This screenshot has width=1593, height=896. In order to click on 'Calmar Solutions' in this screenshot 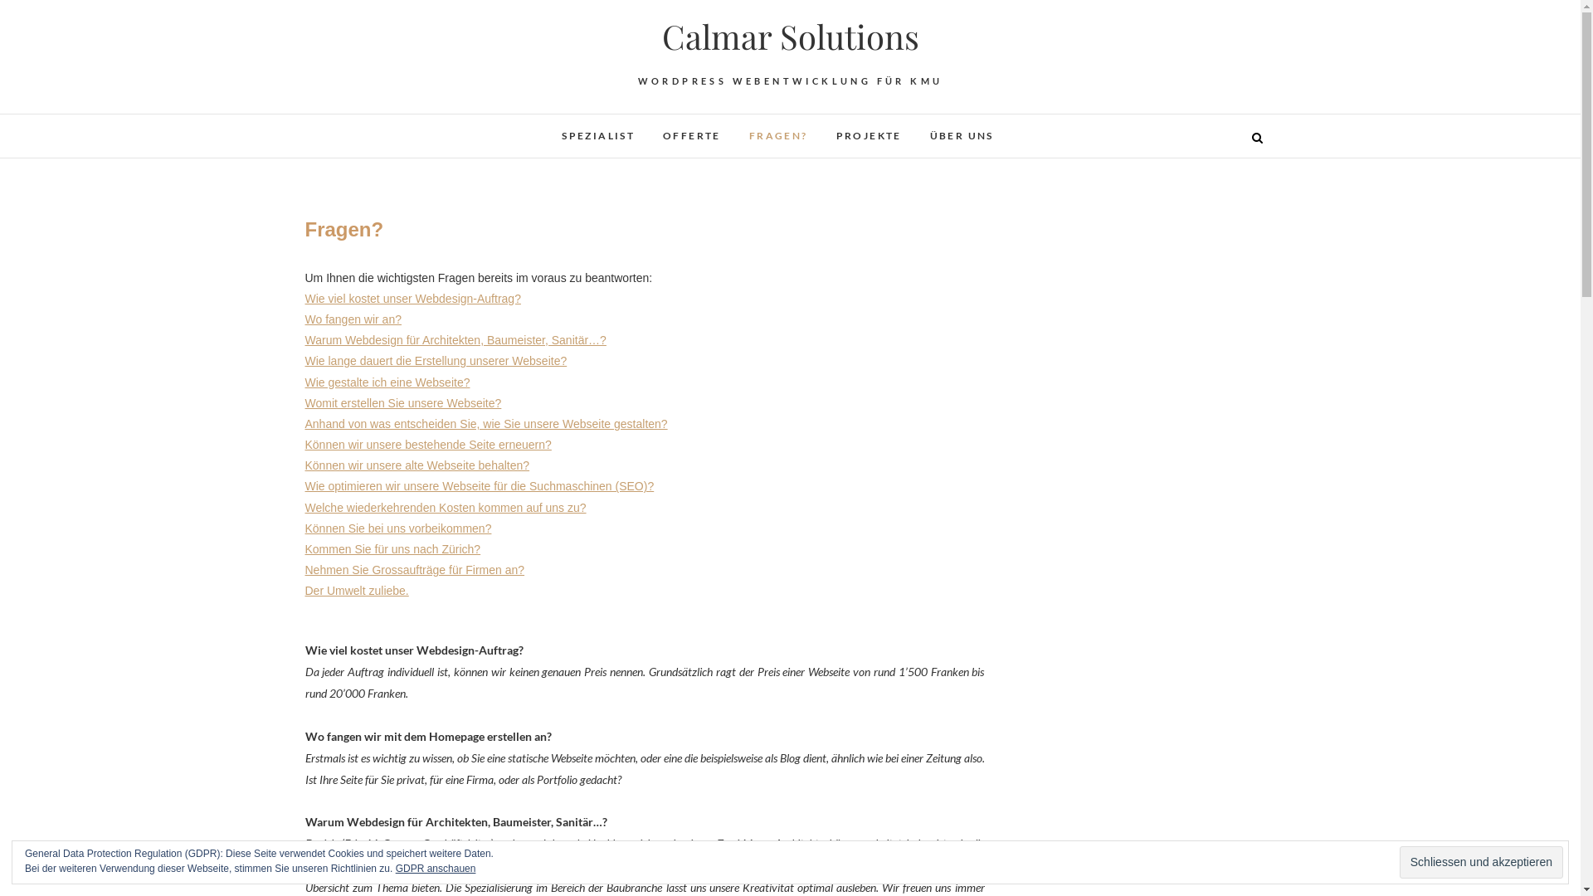, I will do `click(788, 36)`.